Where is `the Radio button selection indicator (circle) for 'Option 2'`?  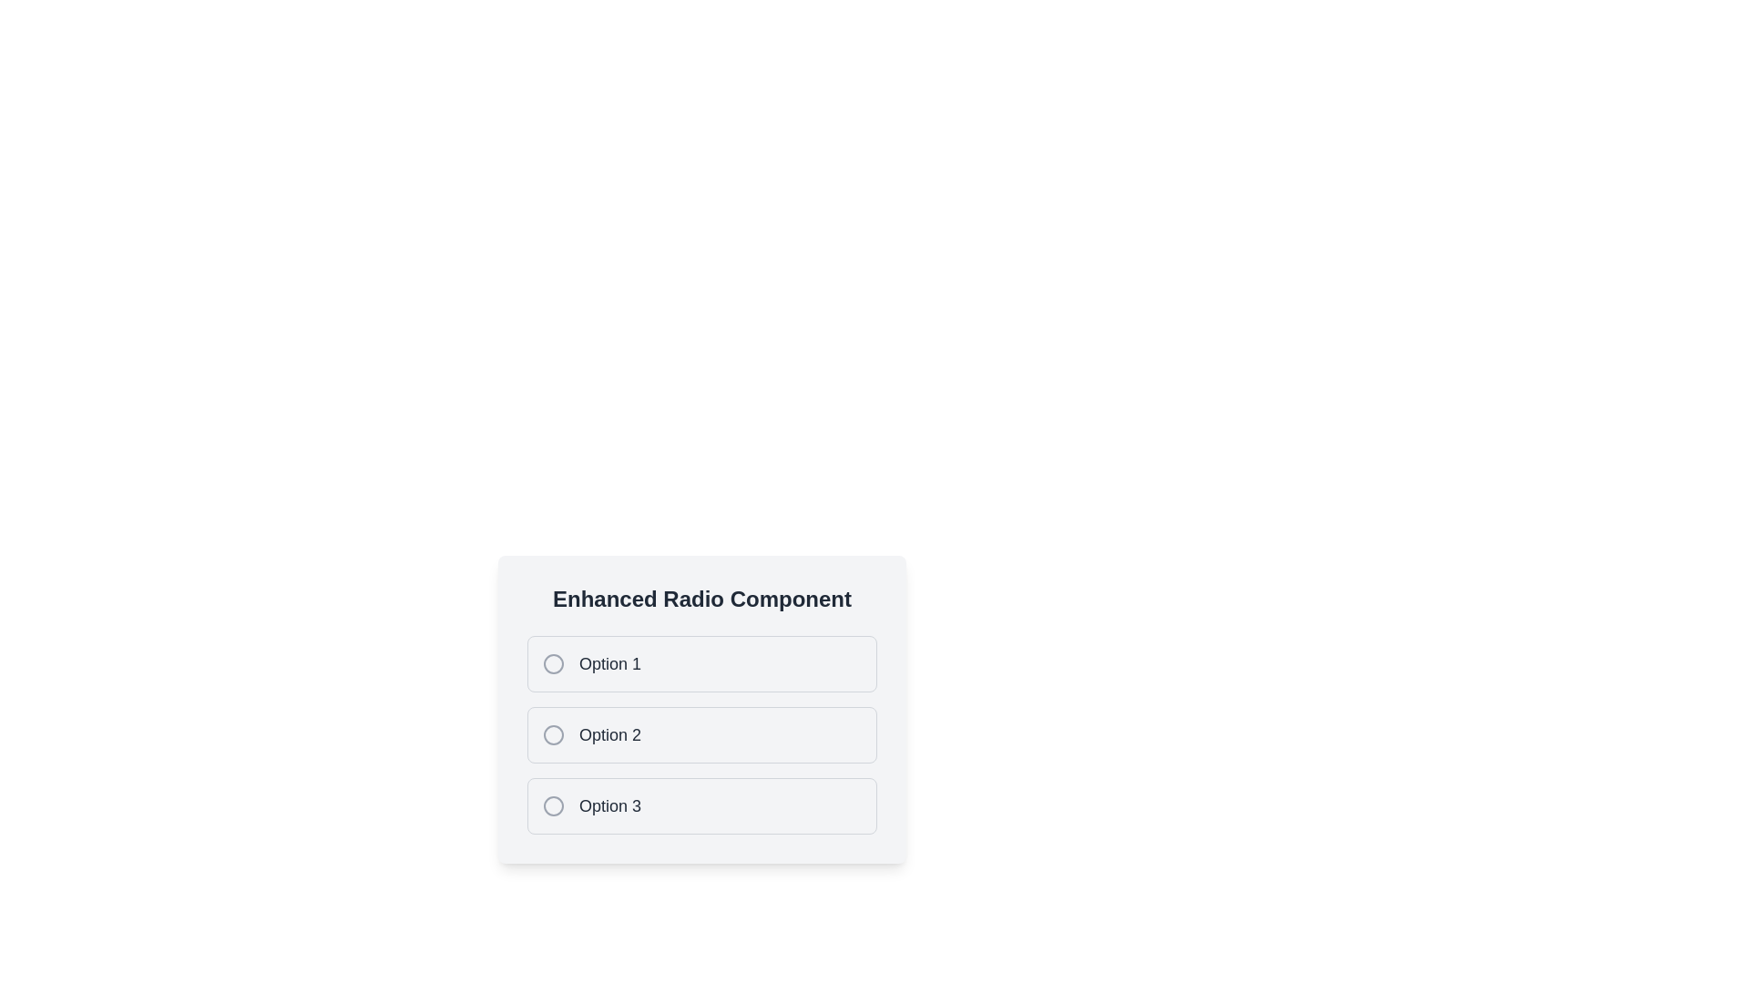
the Radio button selection indicator (circle) for 'Option 2' is located at coordinates (553, 733).